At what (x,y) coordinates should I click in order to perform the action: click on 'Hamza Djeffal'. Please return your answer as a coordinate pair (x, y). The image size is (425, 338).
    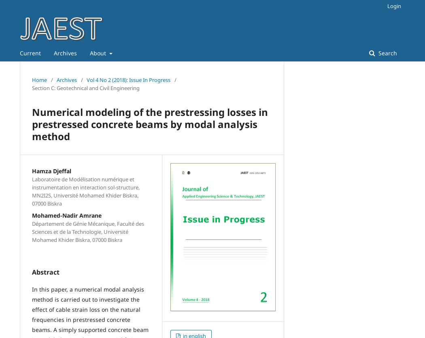
    Looking at the image, I should click on (51, 170).